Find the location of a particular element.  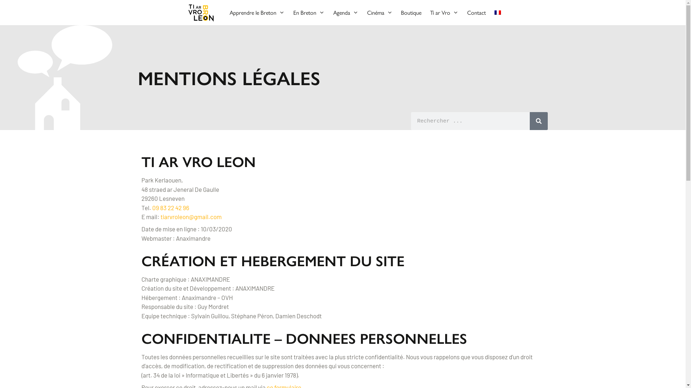

'Contact' is located at coordinates (463, 12).